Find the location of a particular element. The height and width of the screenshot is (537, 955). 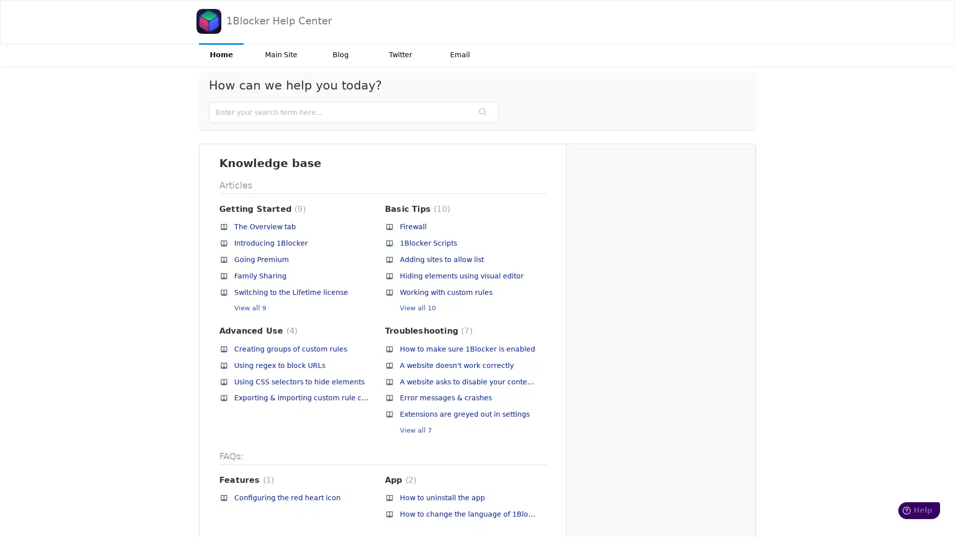

Search is located at coordinates (482, 112).